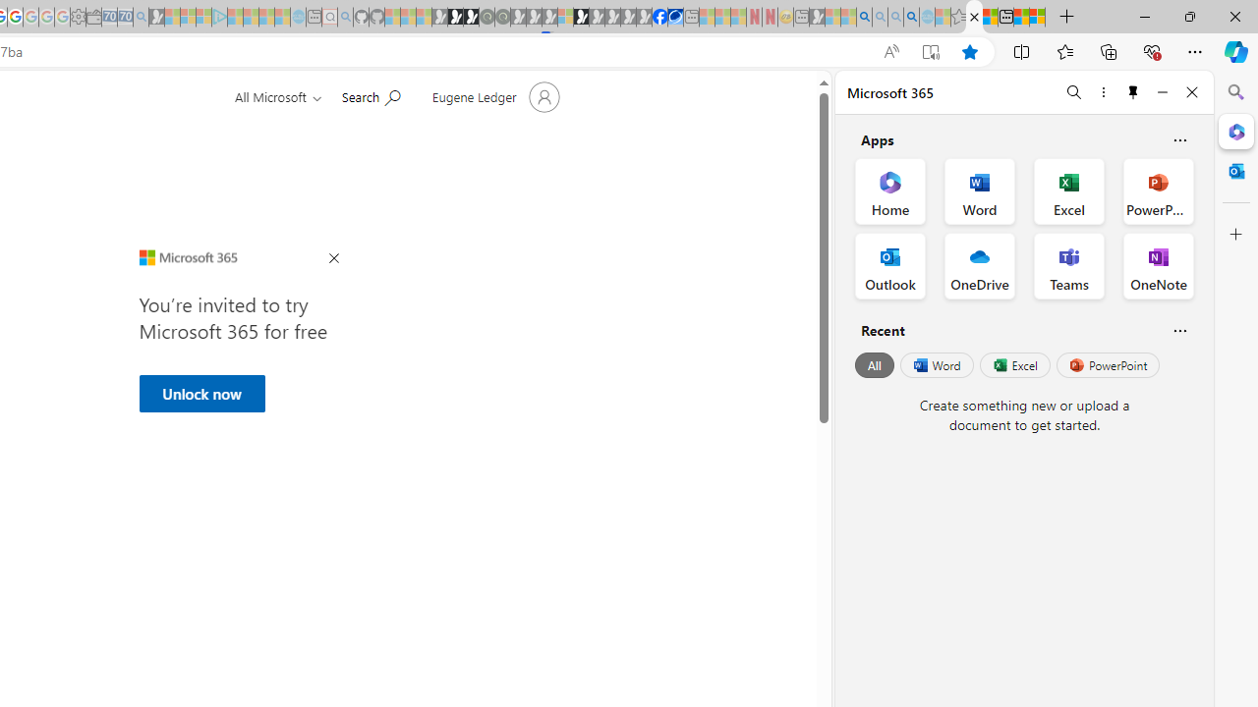 This screenshot has height=707, width=1258. Describe the element at coordinates (889, 266) in the screenshot. I see `'Outlook Office App'` at that location.